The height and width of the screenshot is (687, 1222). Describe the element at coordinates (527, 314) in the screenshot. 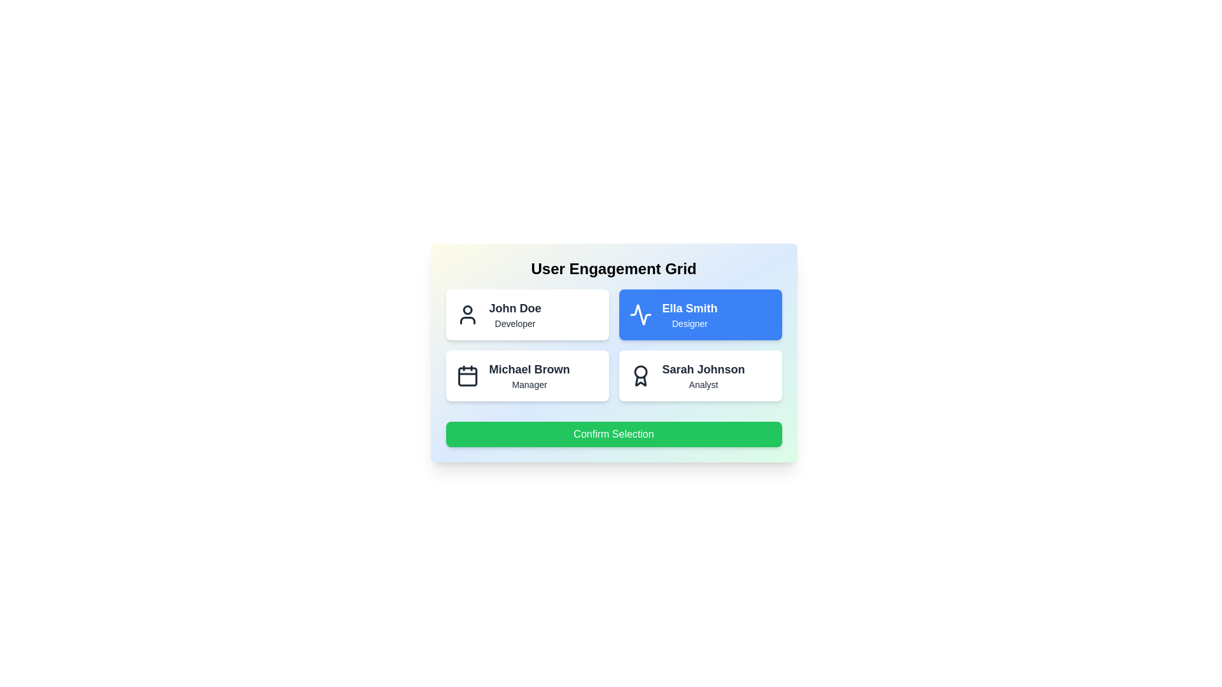

I see `the user card for John Doe` at that location.